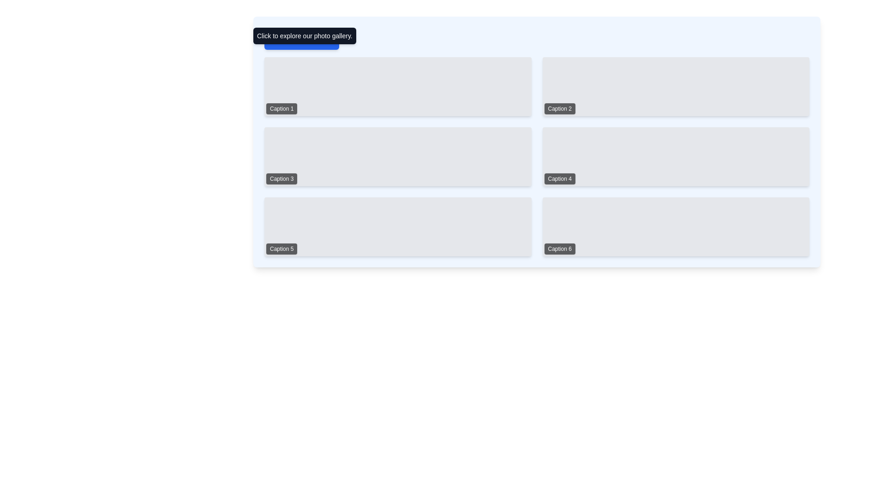 The height and width of the screenshot is (498, 886). I want to click on the Text Label located at the bottom-left corner of the fifth grid cell, which displays the caption 'Caption 5', so click(281, 249).